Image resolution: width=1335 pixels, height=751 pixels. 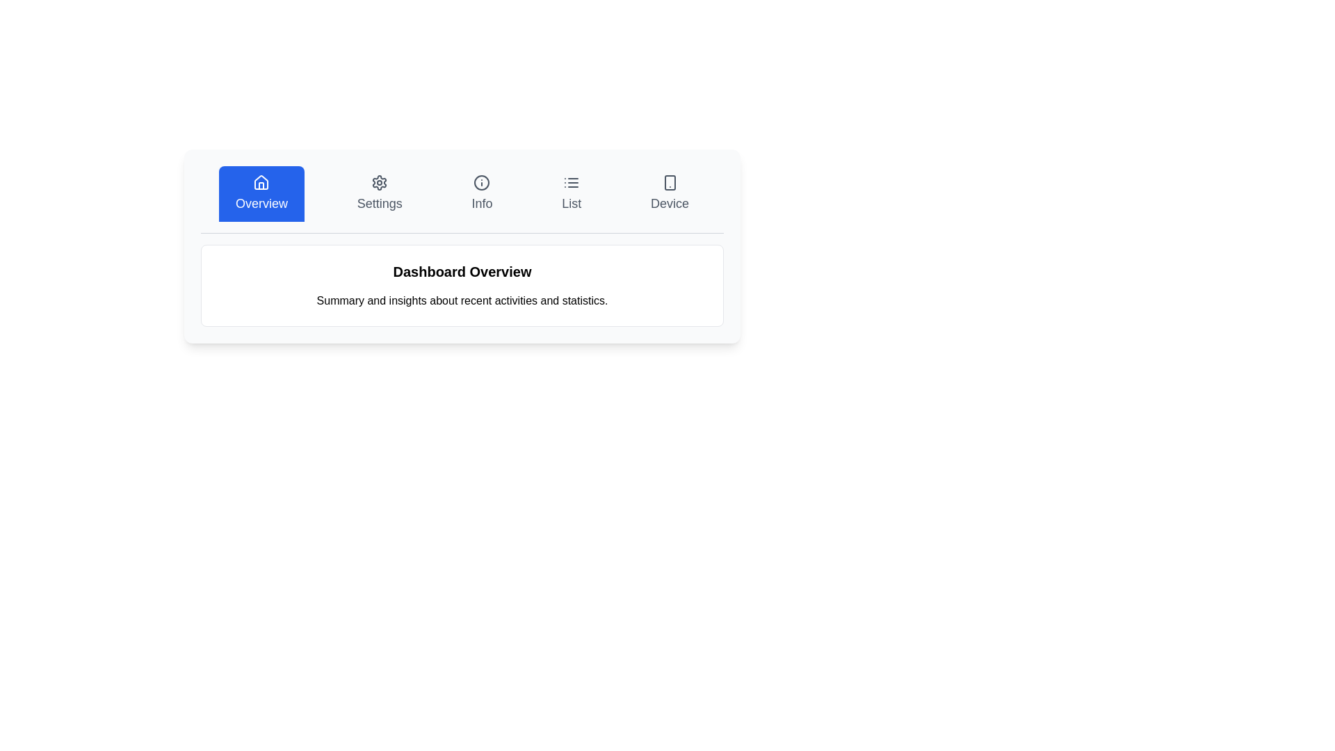 I want to click on the 'Overview' tab label in the navigation bar, so click(x=261, y=204).